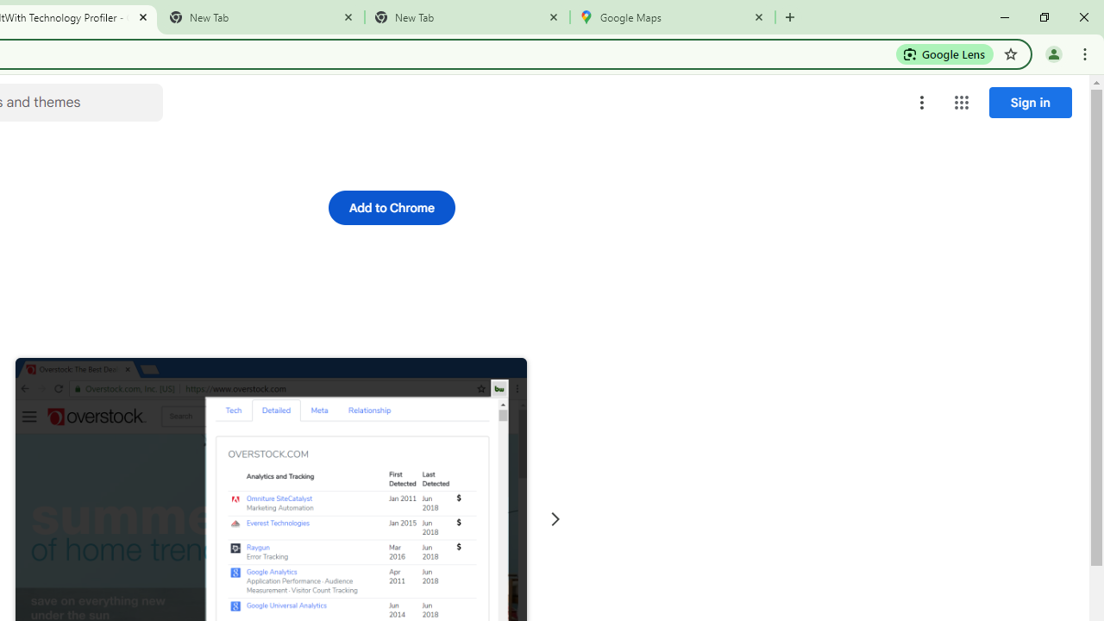  I want to click on 'Add to Chrome', so click(390, 206).